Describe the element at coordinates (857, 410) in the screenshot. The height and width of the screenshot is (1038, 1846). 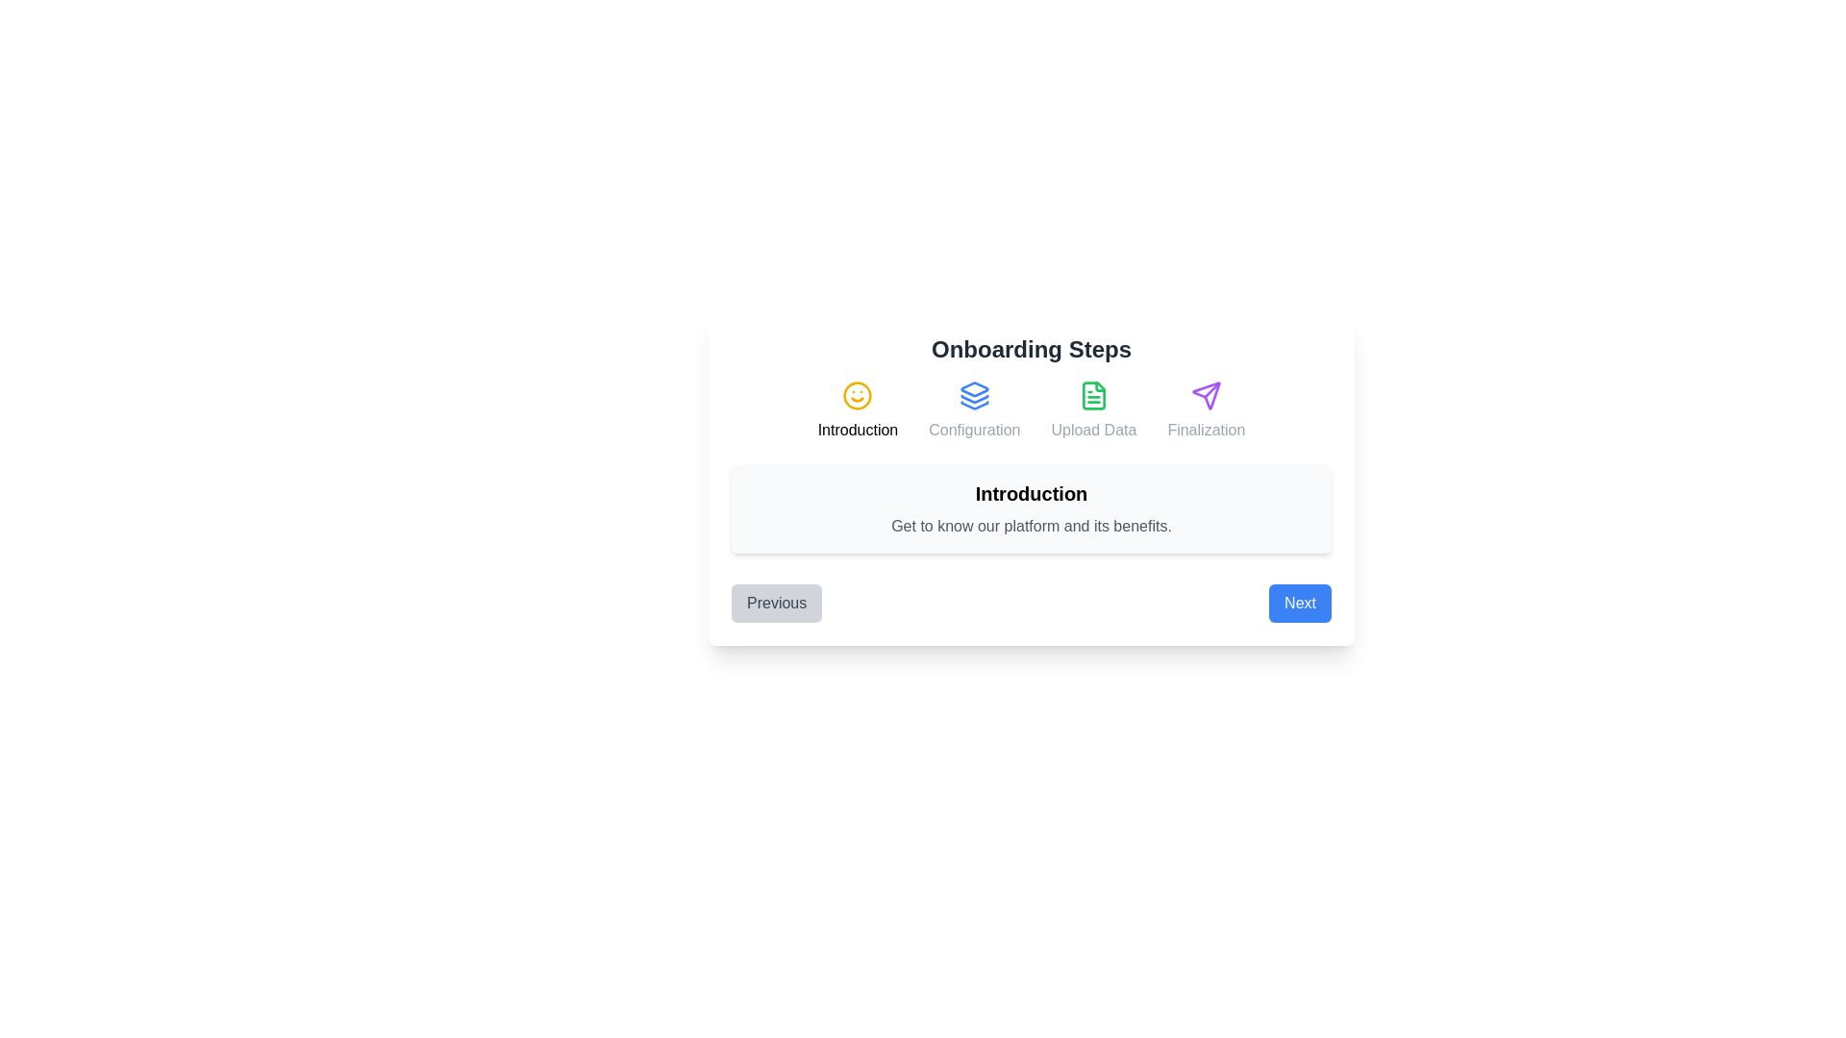
I see `the button labeled 'Introduction' which has a yellow smiley face icon above the text, located in the top-left corner of the section containing 'Configuration', 'Upload Data', and 'Finalization'` at that location.